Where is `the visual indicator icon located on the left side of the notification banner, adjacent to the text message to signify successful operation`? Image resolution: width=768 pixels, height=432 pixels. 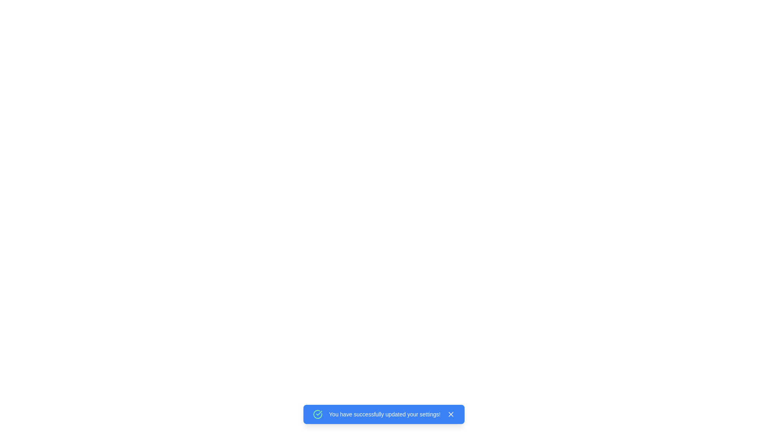 the visual indicator icon located on the left side of the notification banner, adjacent to the text message to signify successful operation is located at coordinates (317, 414).